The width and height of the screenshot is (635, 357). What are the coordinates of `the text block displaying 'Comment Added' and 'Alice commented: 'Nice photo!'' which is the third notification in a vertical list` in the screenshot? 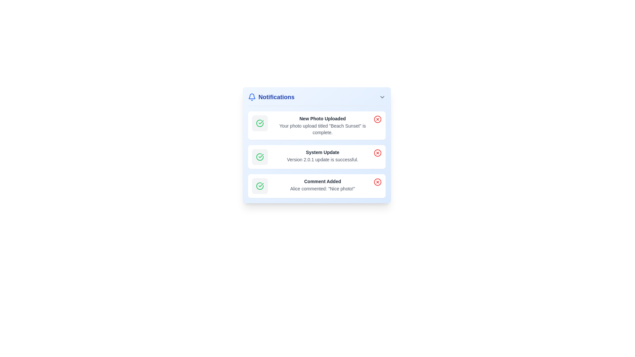 It's located at (322, 185).